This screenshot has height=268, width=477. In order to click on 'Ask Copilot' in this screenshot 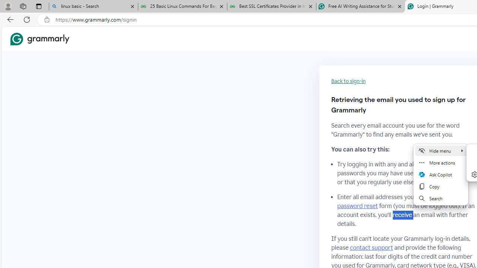, I will do `click(440, 175)`.